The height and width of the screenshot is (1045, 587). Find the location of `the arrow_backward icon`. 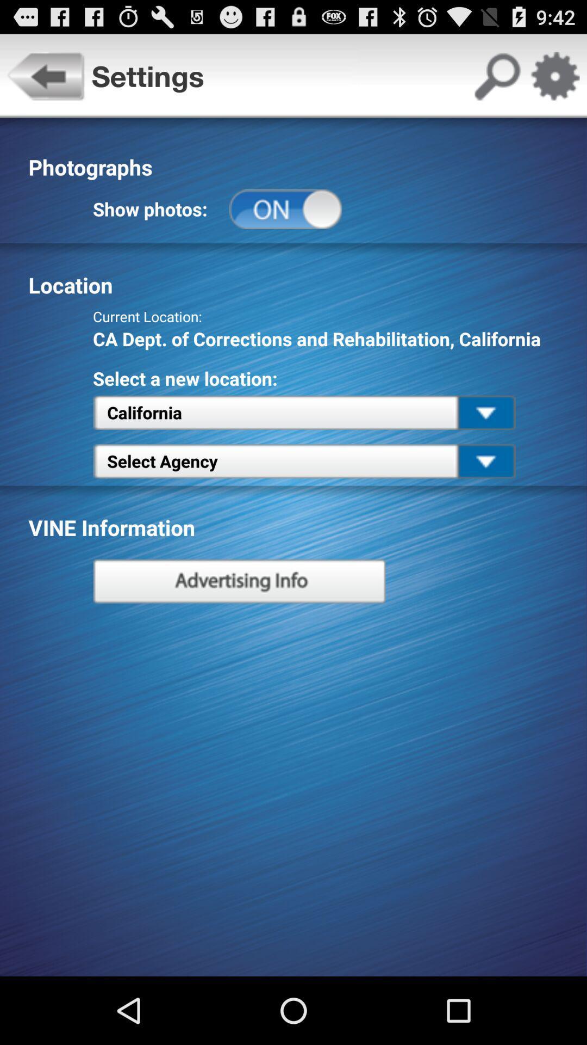

the arrow_backward icon is located at coordinates (45, 81).